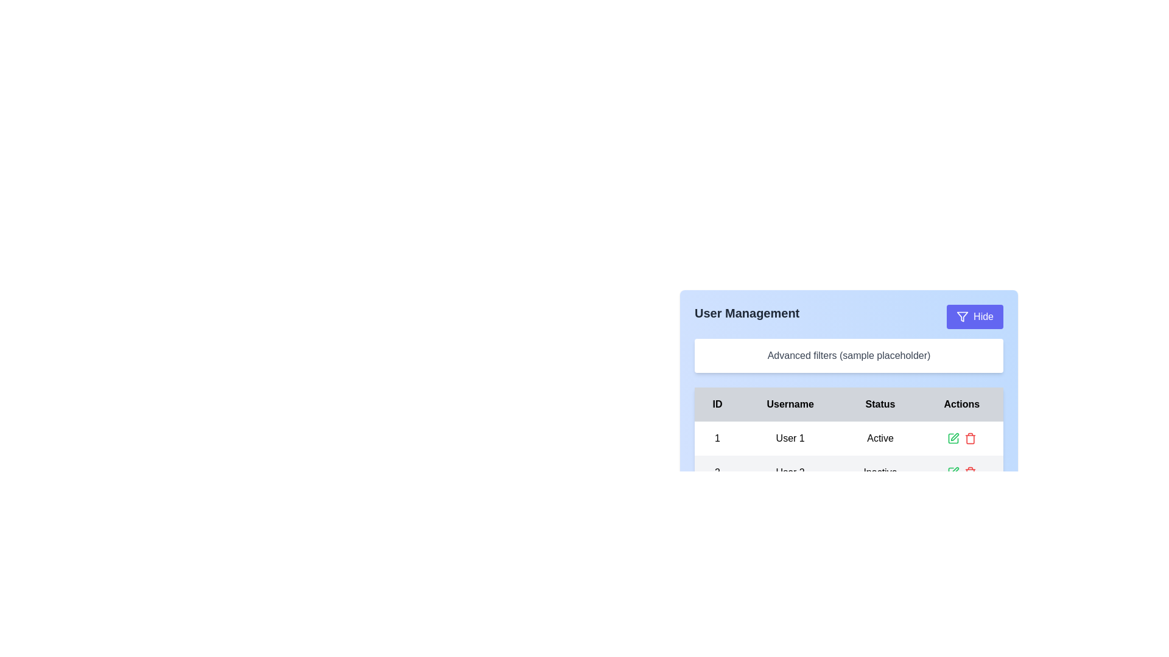 The width and height of the screenshot is (1169, 657). Describe the element at coordinates (969, 439) in the screenshot. I see `the trash can icon styled with a red color scheme, which is the third interactive element` at that location.